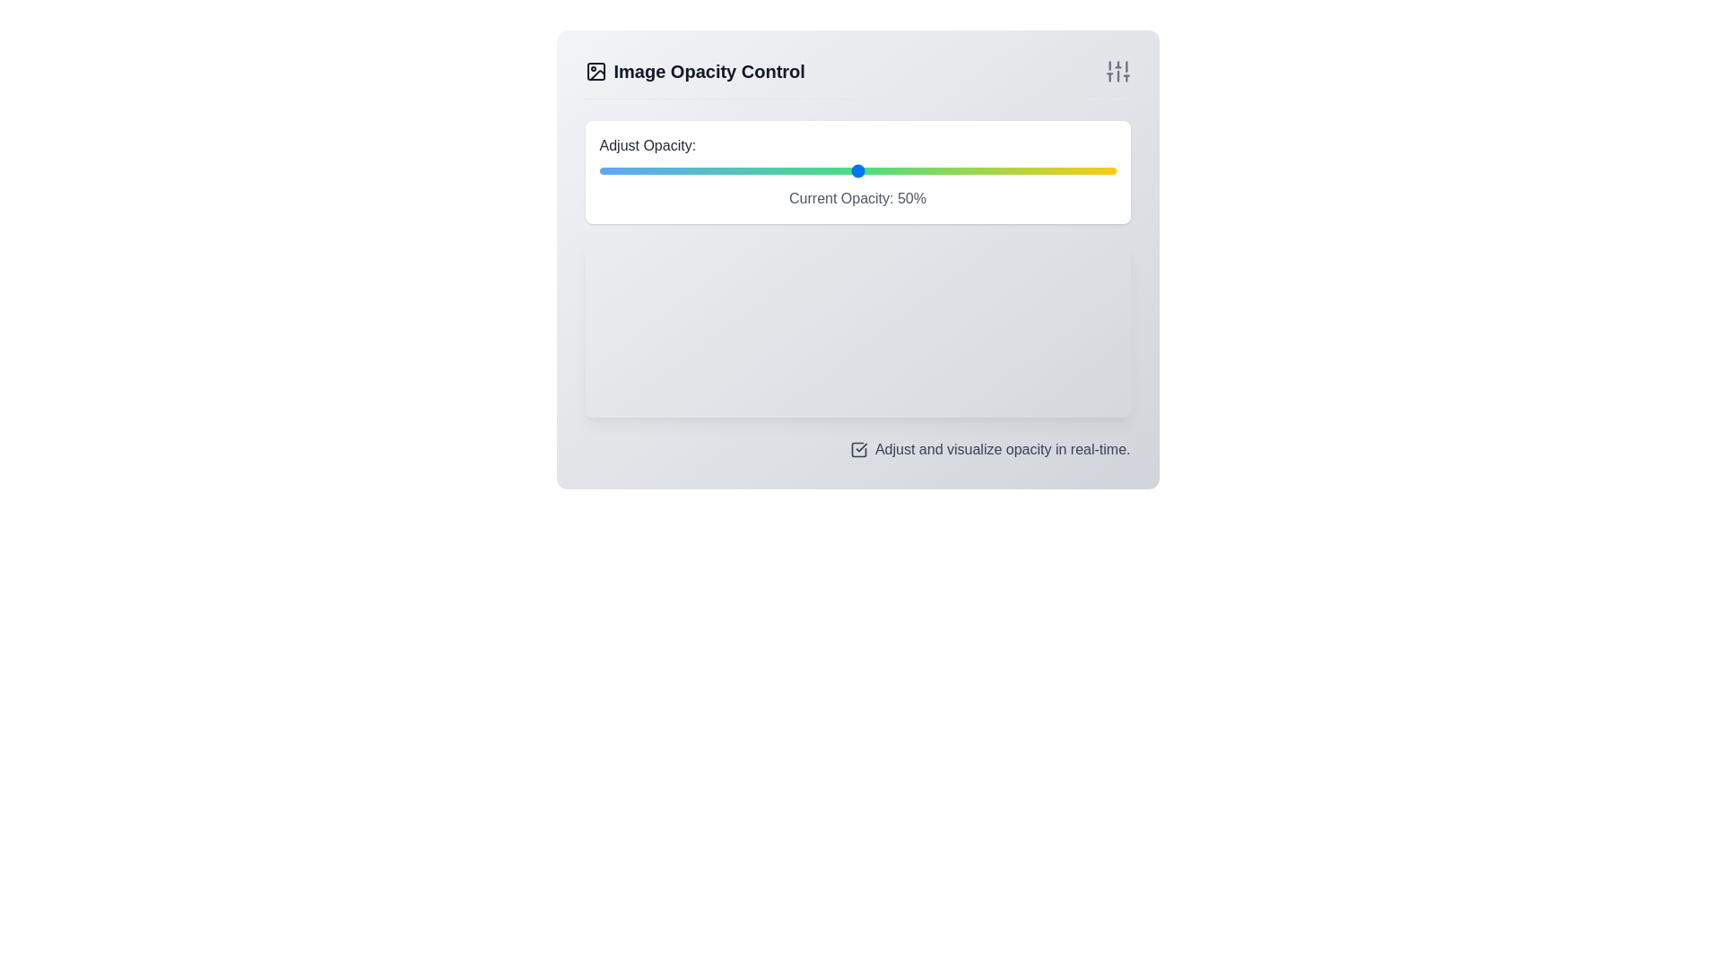  What do you see at coordinates (1022, 171) in the screenshot?
I see `the opacity value` at bounding box center [1022, 171].